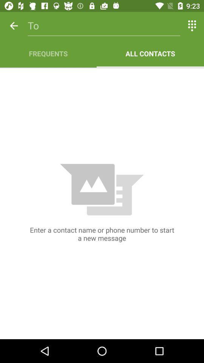 The image size is (204, 363). What do you see at coordinates (104, 26) in the screenshot?
I see `the app above the frequents` at bounding box center [104, 26].